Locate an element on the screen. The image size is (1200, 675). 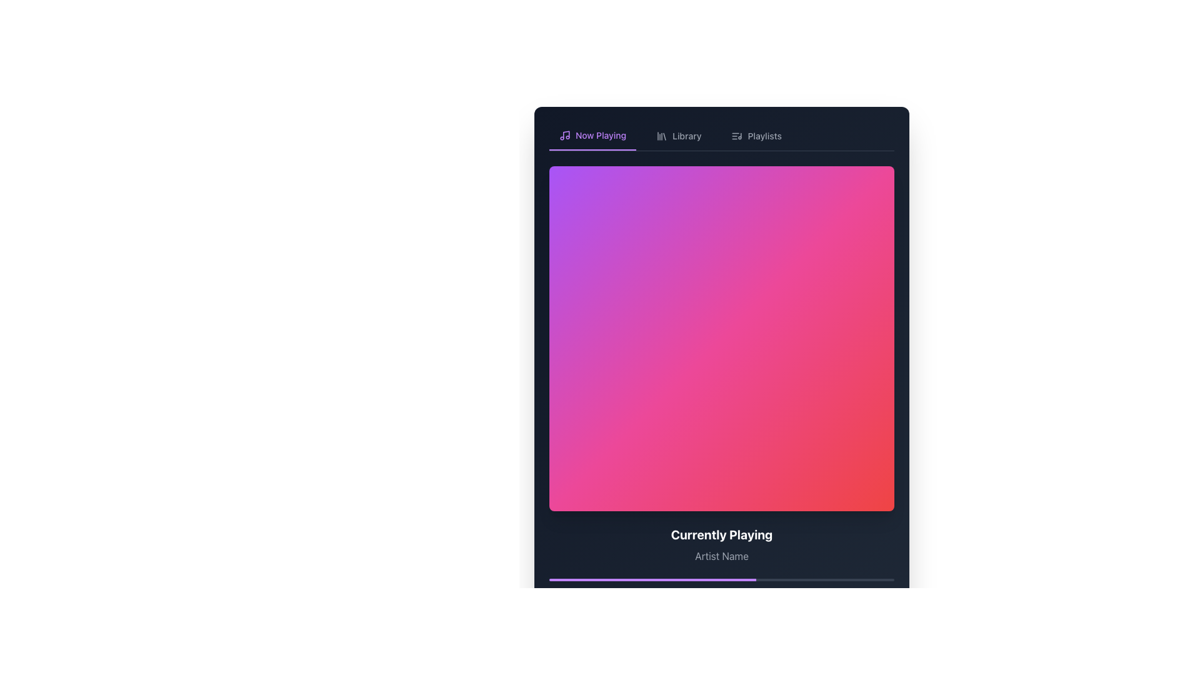
the 'Library' navigation tab button, which is the second item in a row of three navigation tabs is located at coordinates (678, 136).